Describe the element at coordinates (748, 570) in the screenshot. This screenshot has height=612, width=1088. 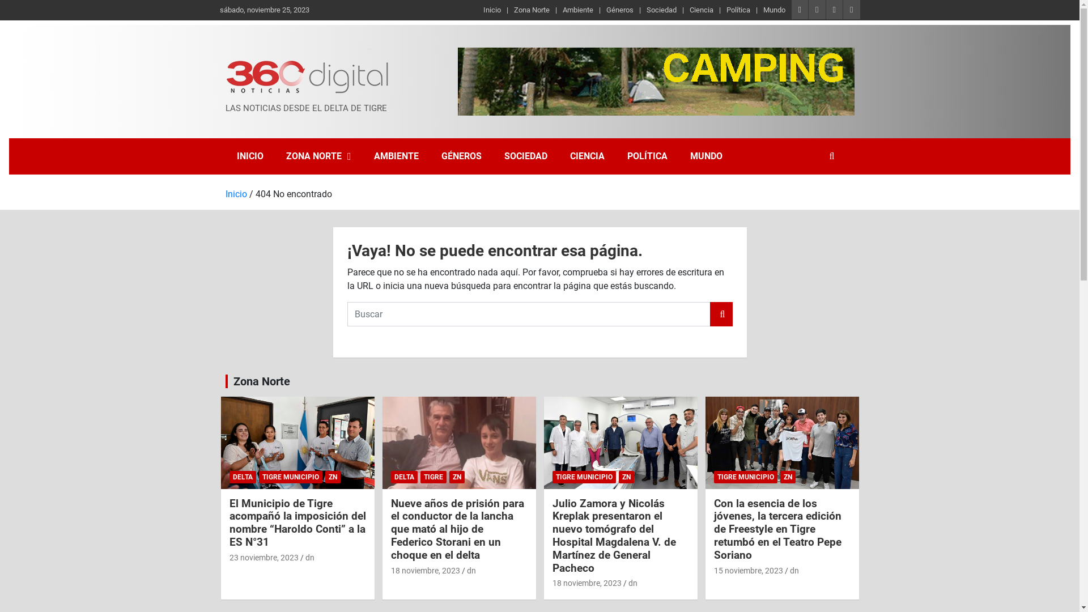
I see `'15 noviembre, 2023'` at that location.